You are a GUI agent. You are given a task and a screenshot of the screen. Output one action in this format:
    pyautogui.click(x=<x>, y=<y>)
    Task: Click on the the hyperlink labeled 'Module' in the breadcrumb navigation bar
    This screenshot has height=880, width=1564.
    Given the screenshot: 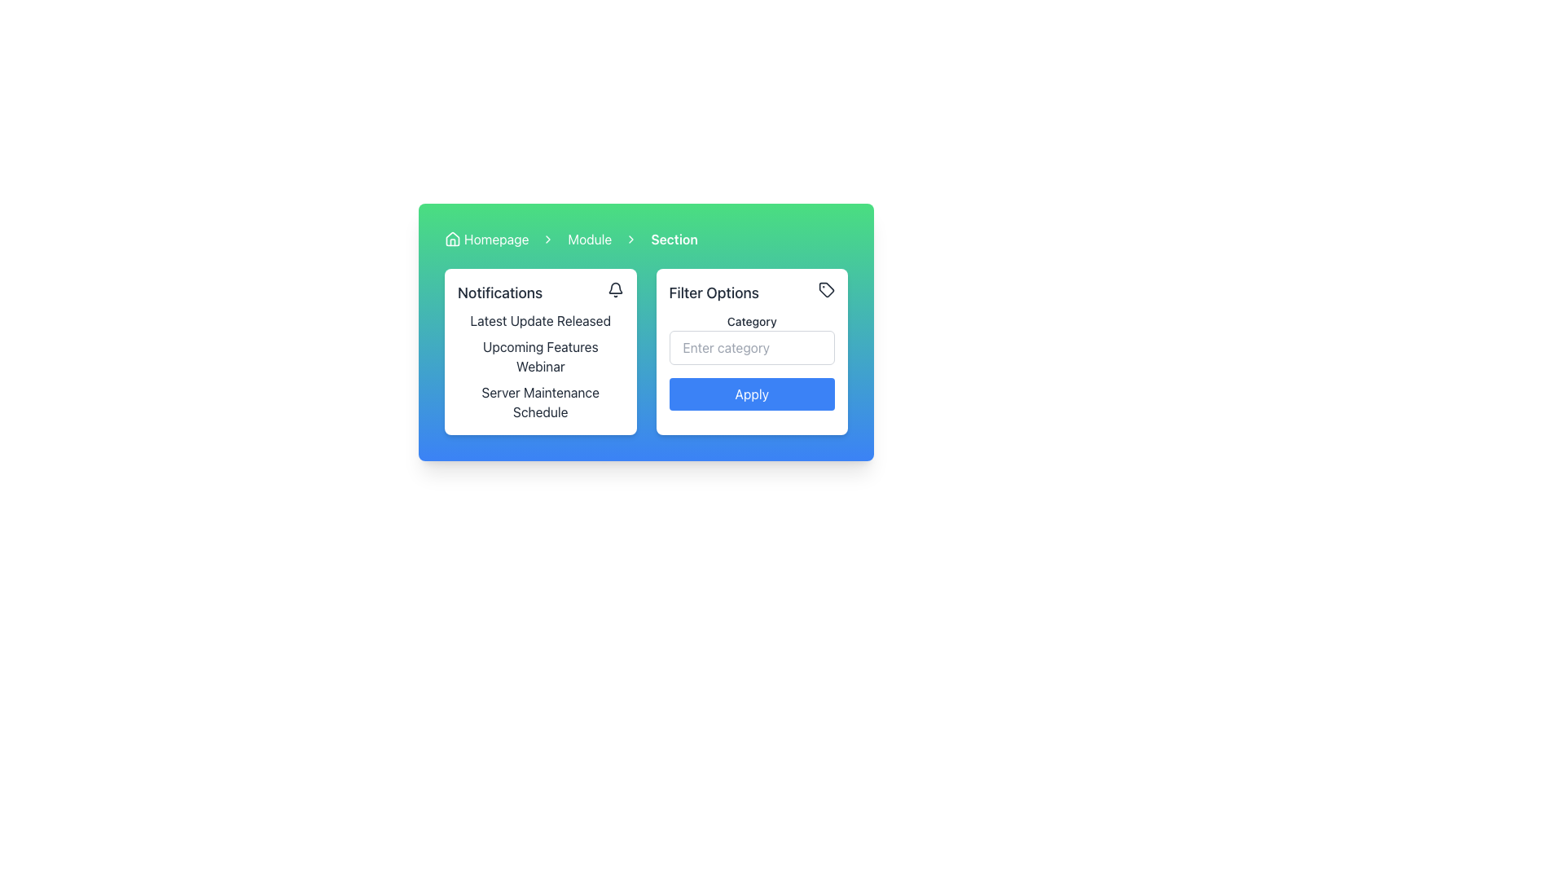 What is the action you would take?
    pyautogui.click(x=589, y=239)
    